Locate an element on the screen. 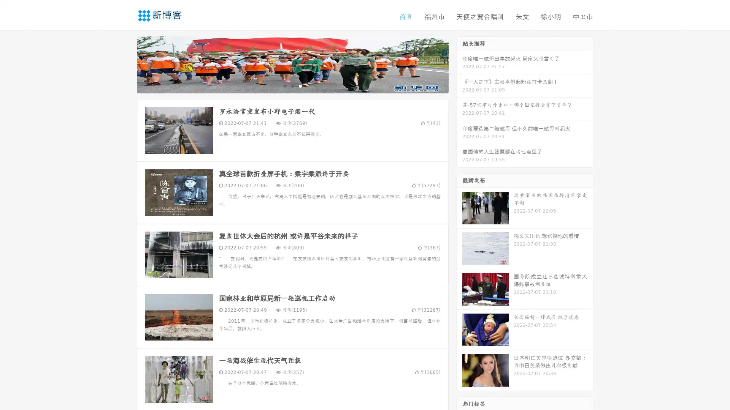  Go to slide 1 is located at coordinates (284, 85).